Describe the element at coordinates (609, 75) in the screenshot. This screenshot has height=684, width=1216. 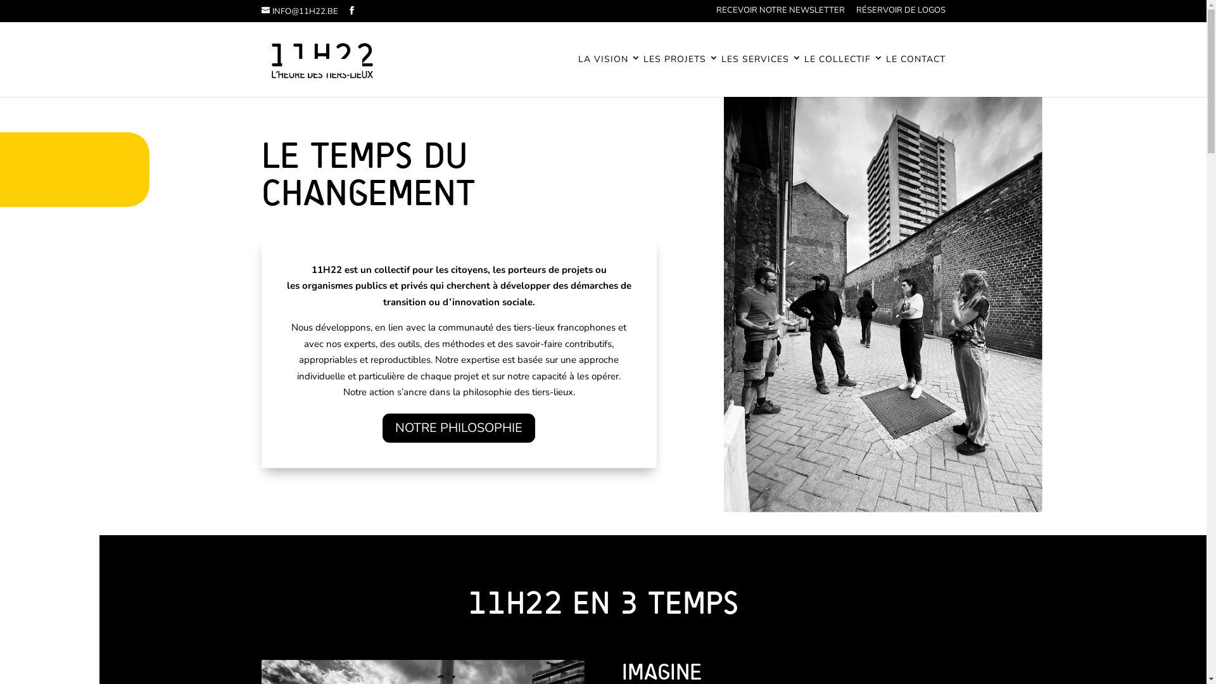
I see `'LA VISION'` at that location.